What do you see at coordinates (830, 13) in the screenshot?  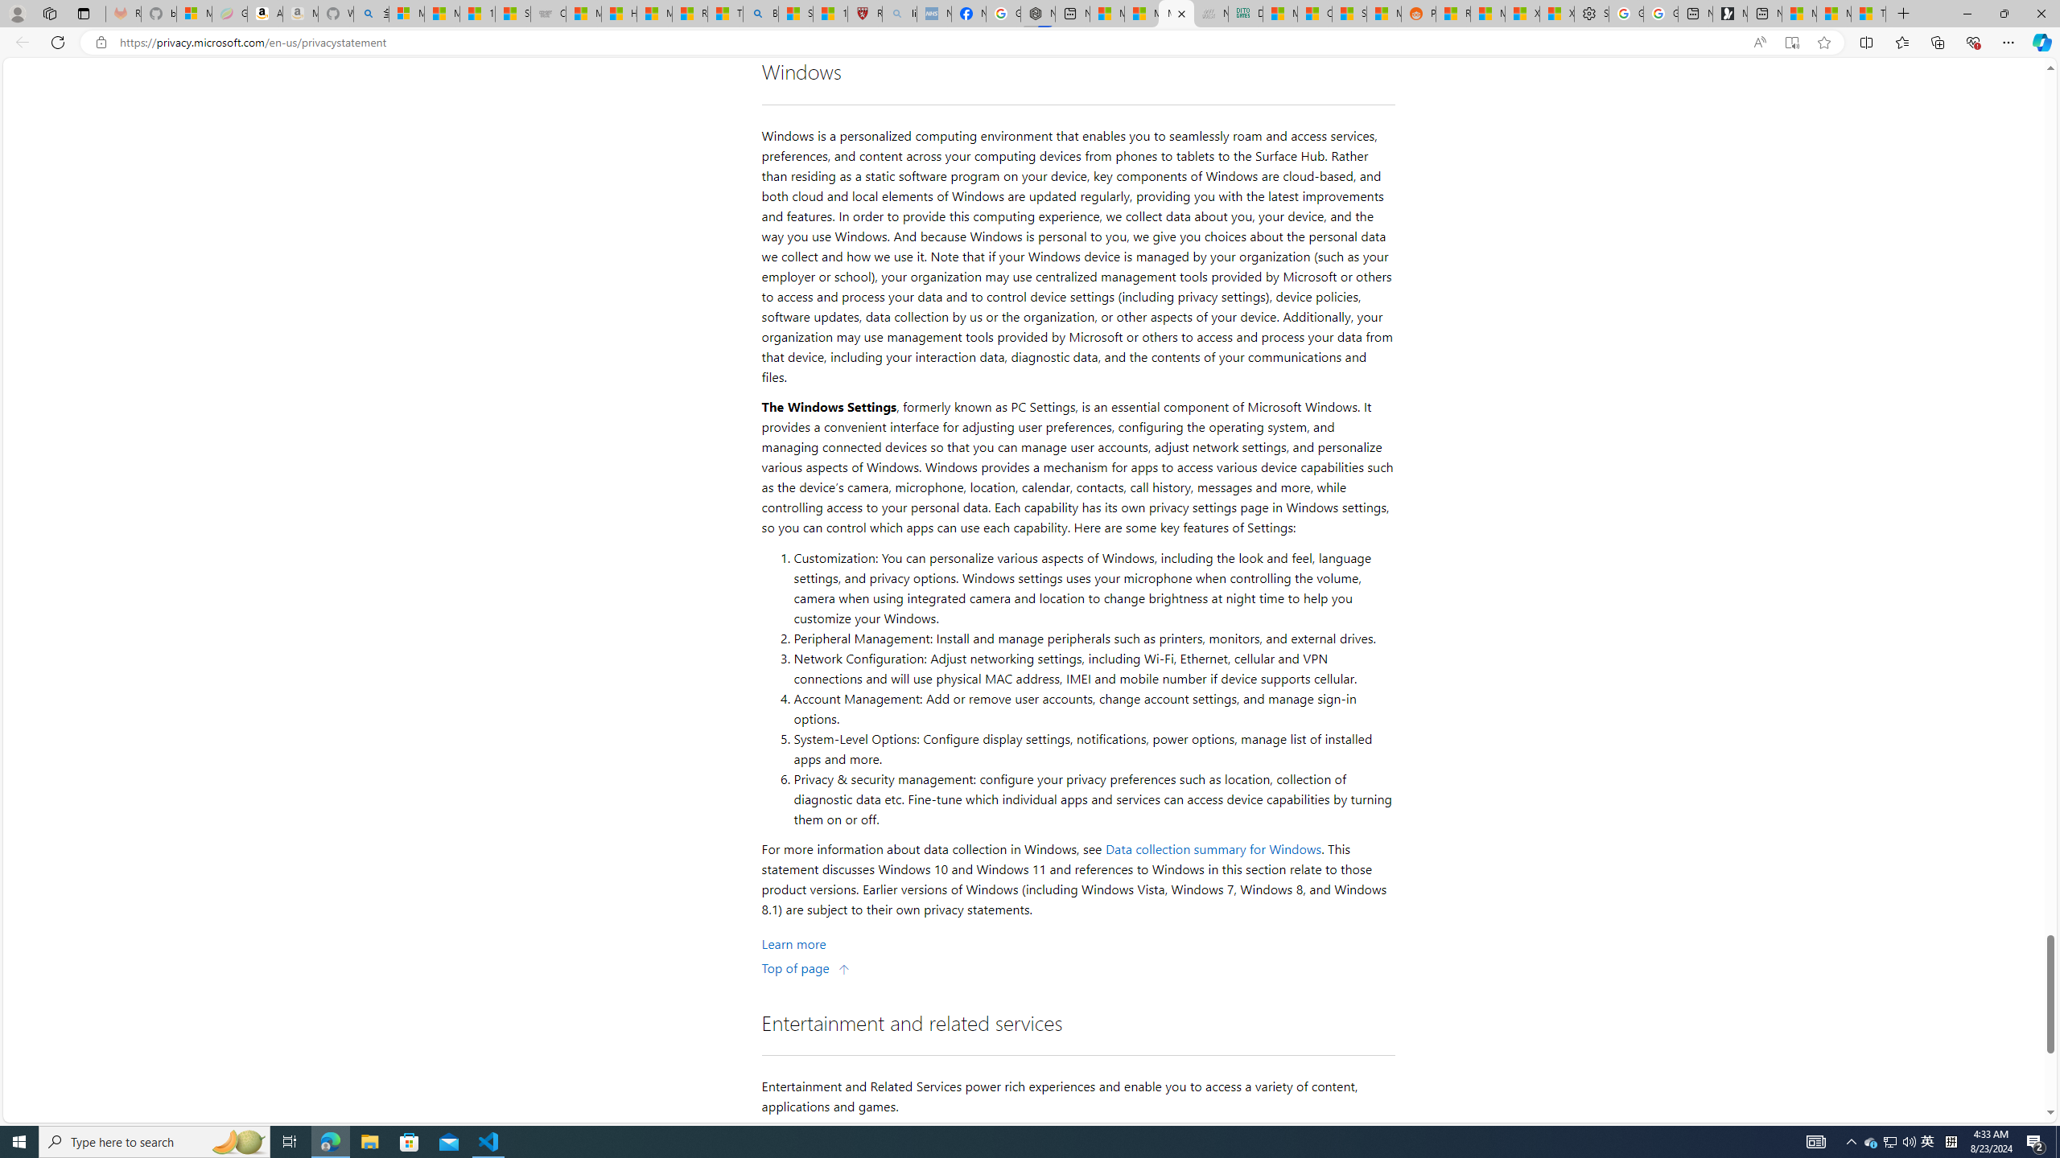 I see `'12 Popular Science Lies that Must be Corrected'` at bounding box center [830, 13].